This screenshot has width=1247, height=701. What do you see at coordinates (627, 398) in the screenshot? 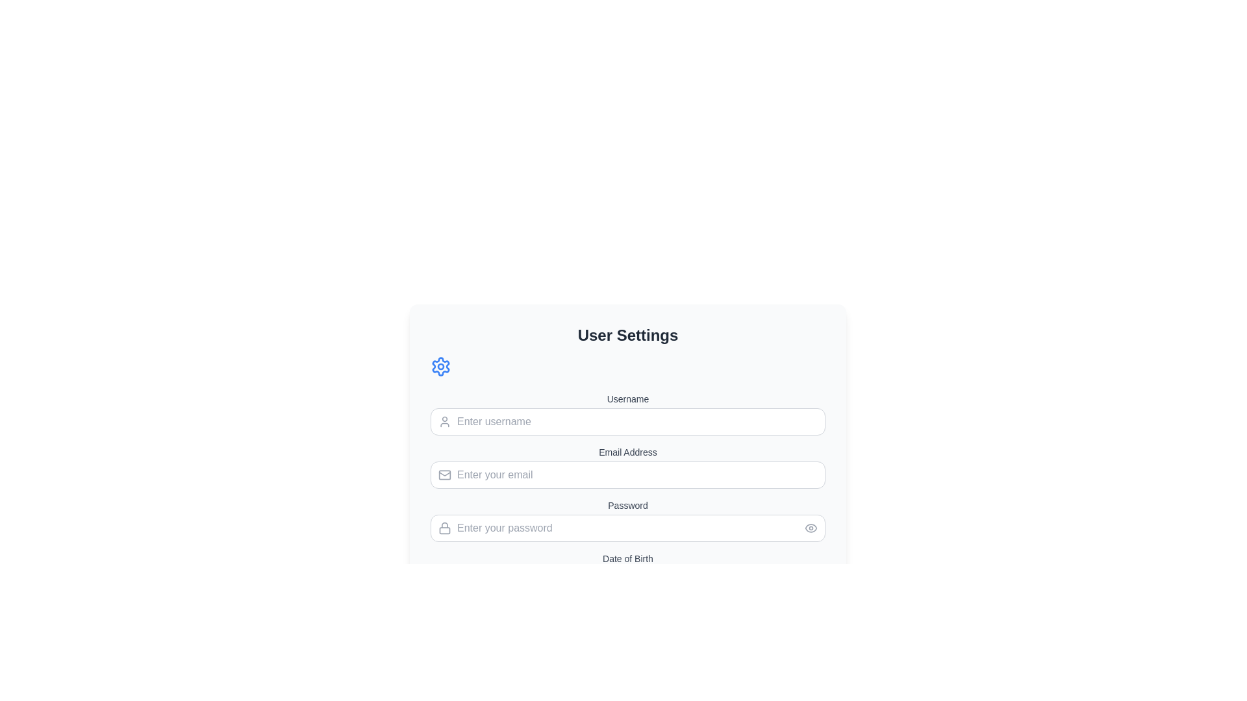
I see `the Text label that serves as a descriptor for the adjacent username input field, located directly above the username input field under the 'User Settings' heading` at bounding box center [627, 398].